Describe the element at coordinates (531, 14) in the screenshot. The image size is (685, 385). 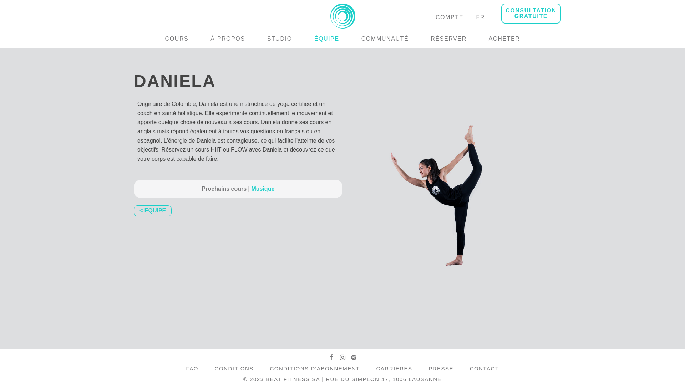
I see `'CONSULTATION GRATUITE'` at that location.